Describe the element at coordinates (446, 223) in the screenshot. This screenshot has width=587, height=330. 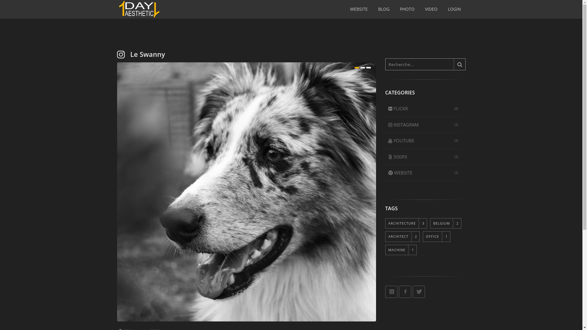
I see `'BELGIUM` at that location.